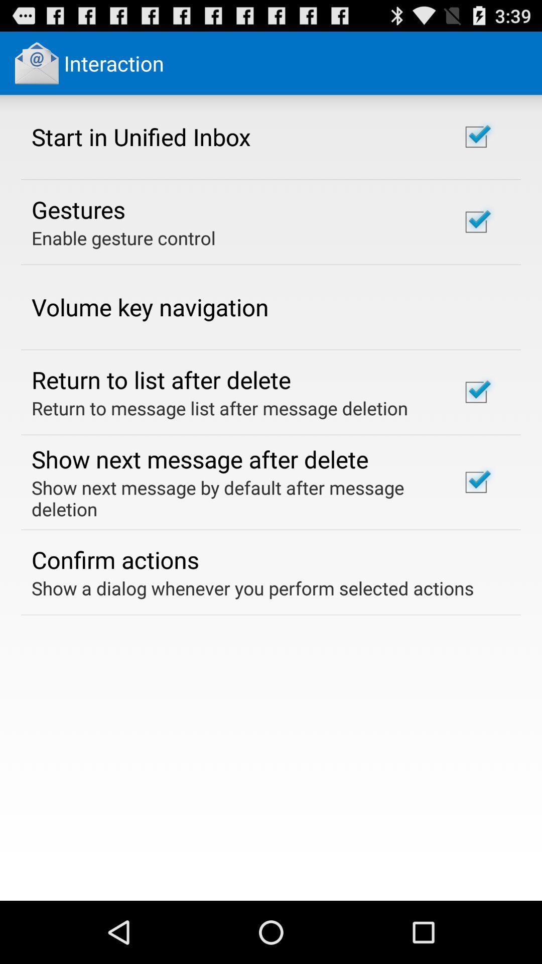 This screenshot has width=542, height=964. I want to click on the icon beside interaction, so click(36, 62).